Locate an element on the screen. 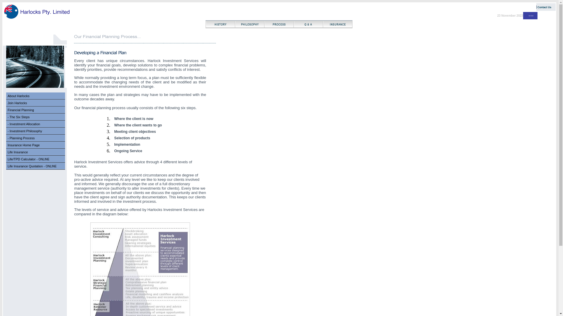 Image resolution: width=563 pixels, height=316 pixels. 'Ongoing Service' is located at coordinates (128, 151).